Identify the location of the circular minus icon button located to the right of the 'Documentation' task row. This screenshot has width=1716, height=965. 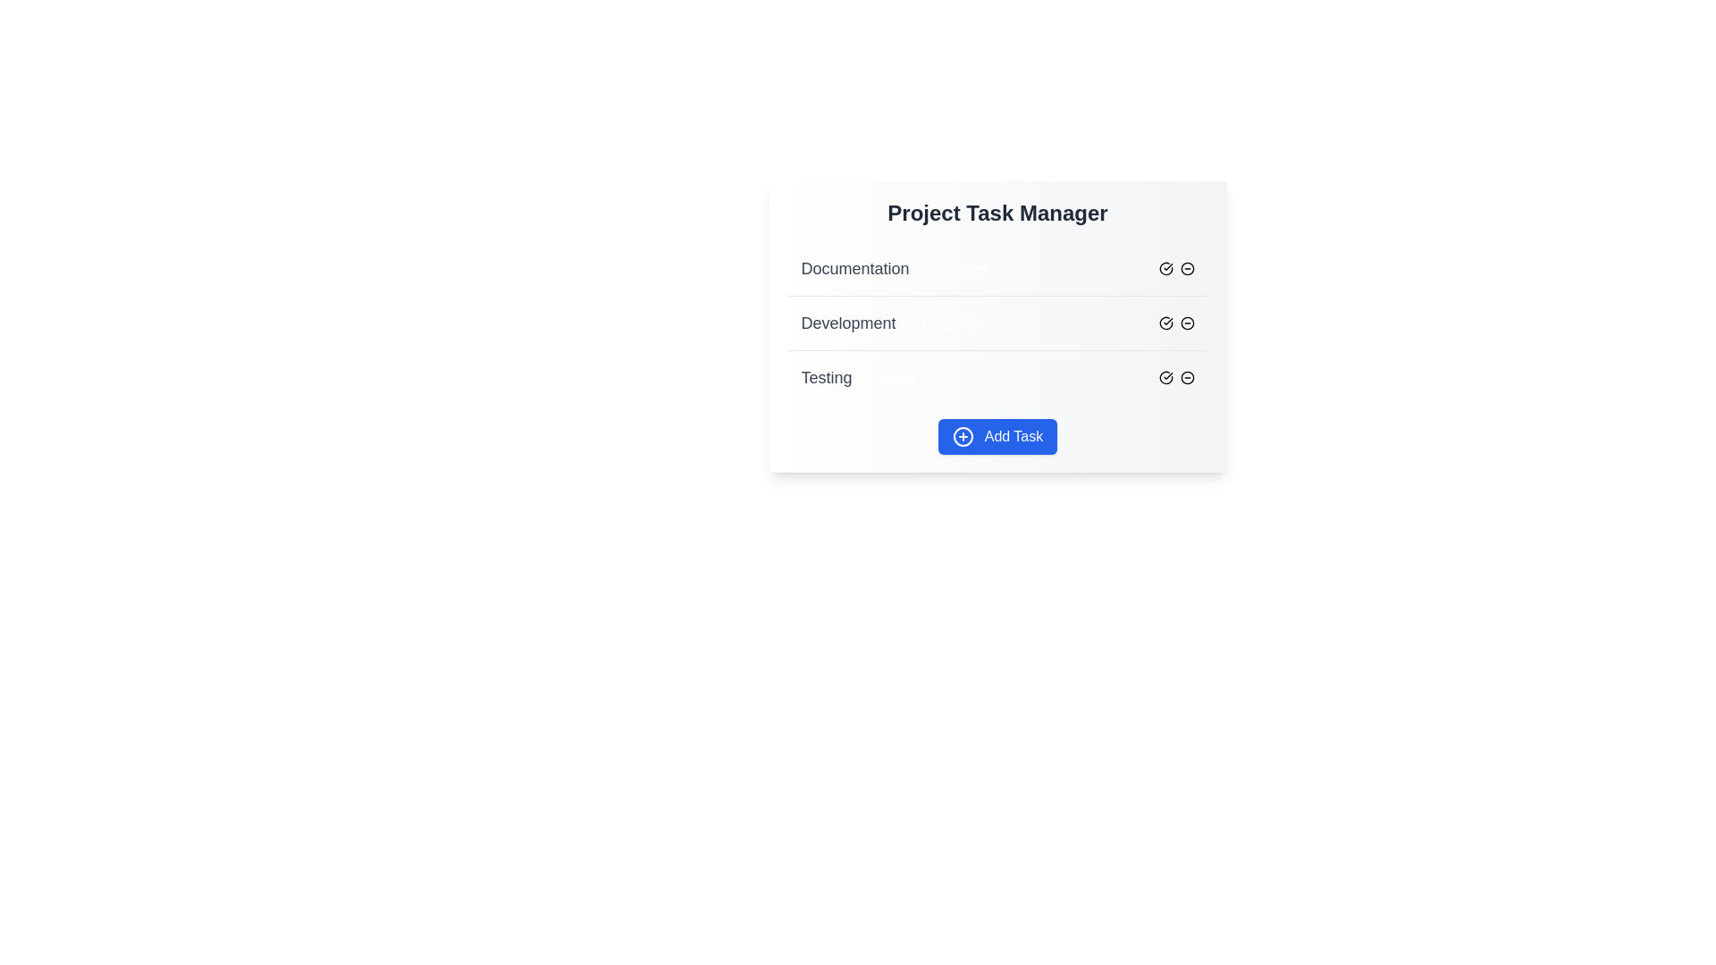
(1187, 268).